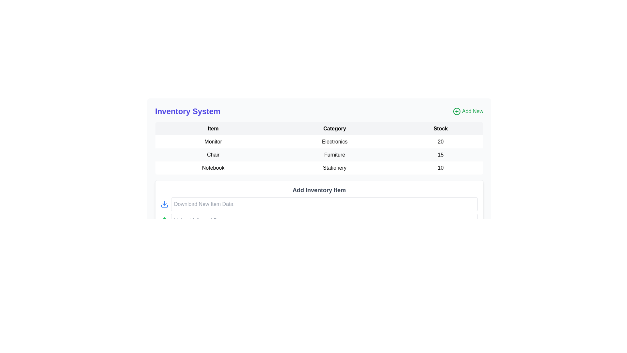 The image size is (627, 353). I want to click on the stock quantity cell for the item 'Chair' in the inventory table, located in the third column of the second row, if it has an interactive feature, so click(441, 155).